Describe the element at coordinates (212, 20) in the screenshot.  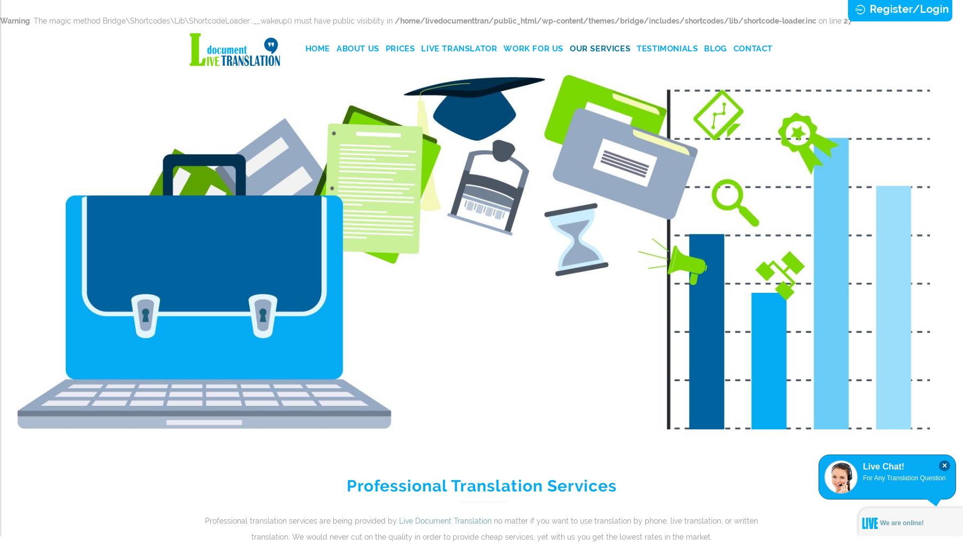
I see `':  The magic method Bridge\Shortcodes\Lib\ShortcodeLoader::__wakeup() must have public visibility in'` at that location.